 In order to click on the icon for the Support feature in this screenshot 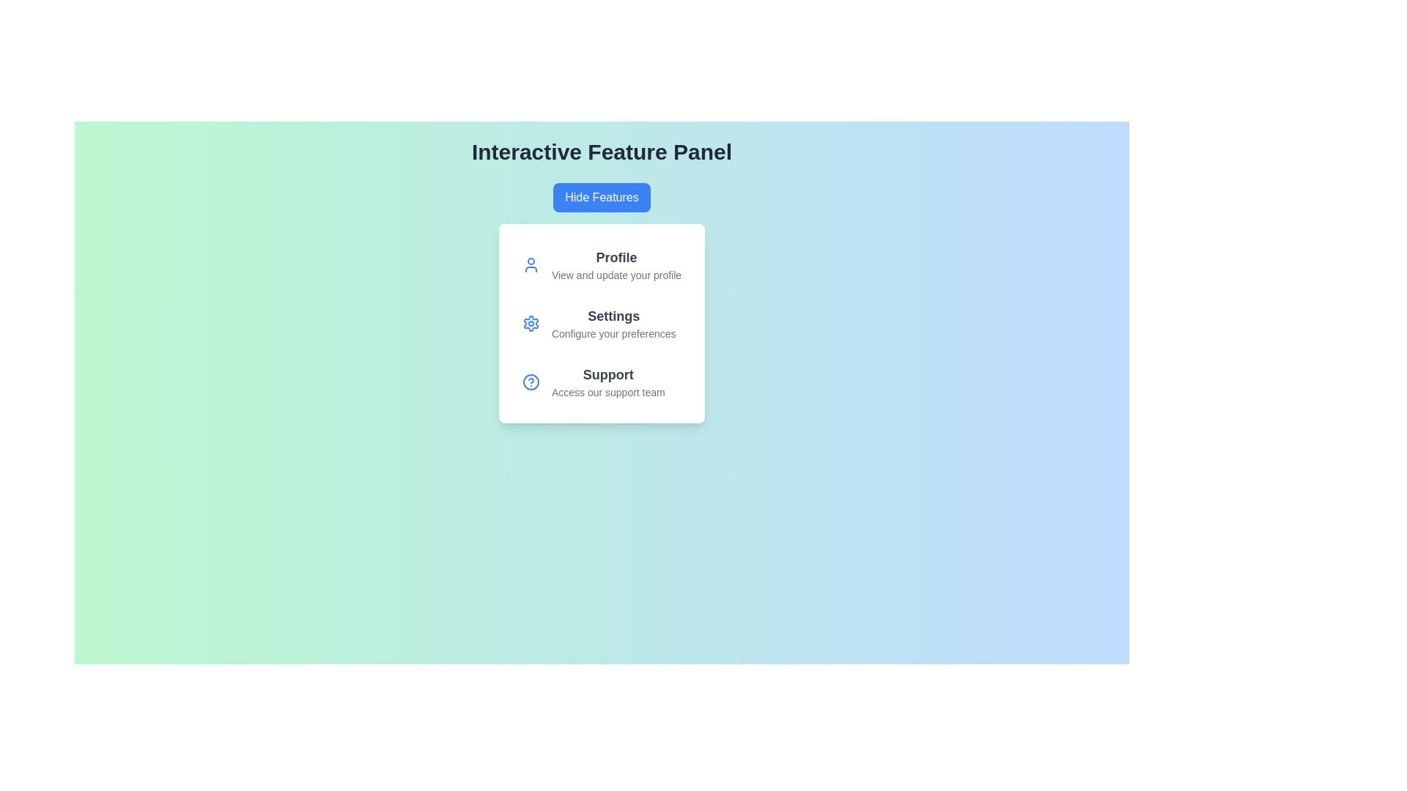, I will do `click(530, 381)`.